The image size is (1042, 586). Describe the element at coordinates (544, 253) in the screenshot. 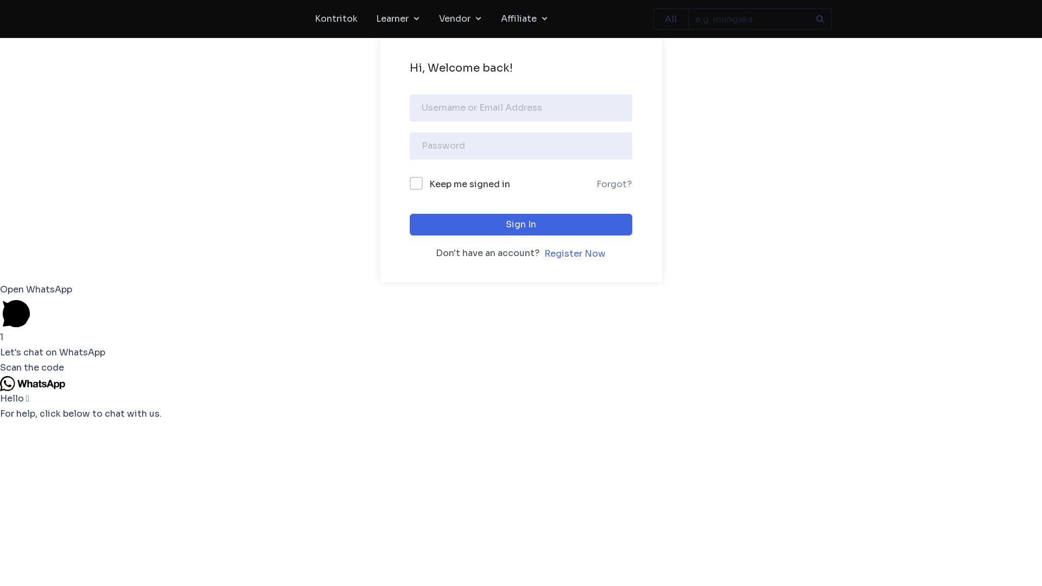

I see `'Register Now'` at that location.